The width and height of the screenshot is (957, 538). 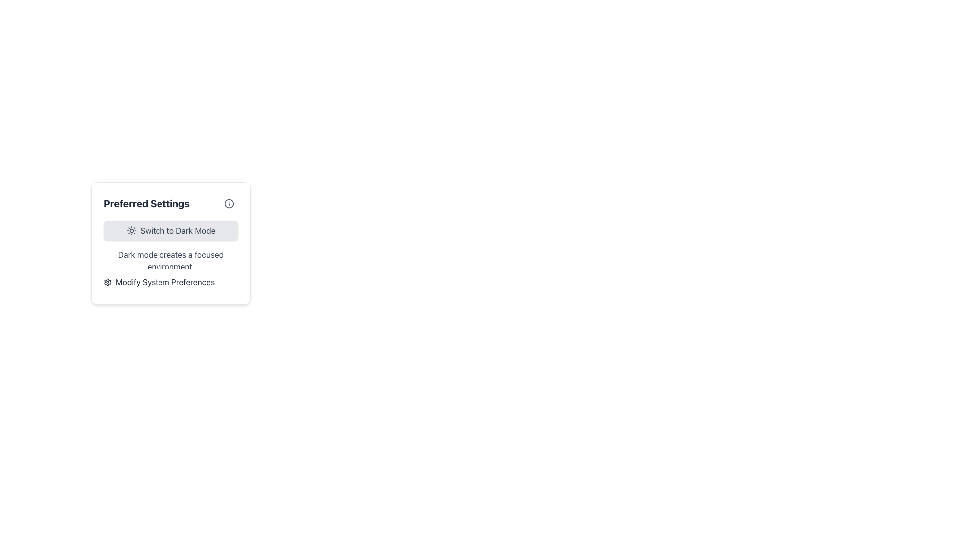 I want to click on the settings icon located to the immediate left of the 'Modify System Preferences' text label within the 'Preferred Settings' card, so click(x=108, y=282).